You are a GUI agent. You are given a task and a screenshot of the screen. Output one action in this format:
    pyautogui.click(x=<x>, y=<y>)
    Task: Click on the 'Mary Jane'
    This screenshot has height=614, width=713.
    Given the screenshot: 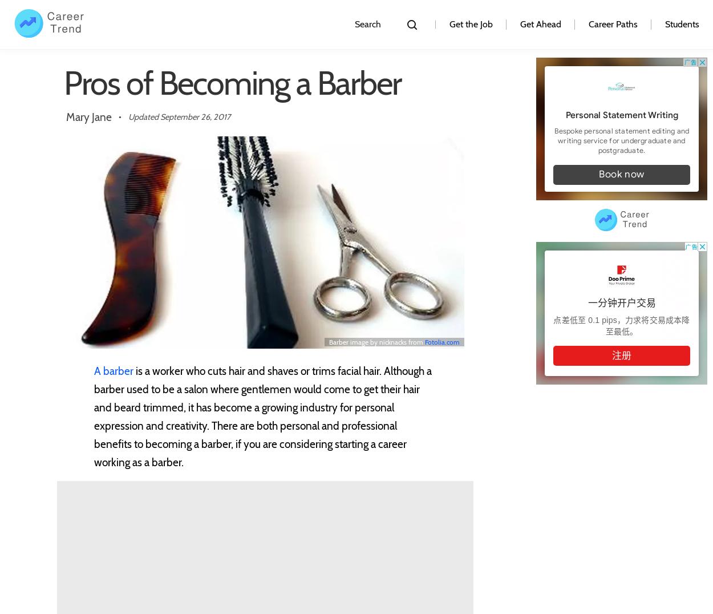 What is the action you would take?
    pyautogui.click(x=89, y=116)
    